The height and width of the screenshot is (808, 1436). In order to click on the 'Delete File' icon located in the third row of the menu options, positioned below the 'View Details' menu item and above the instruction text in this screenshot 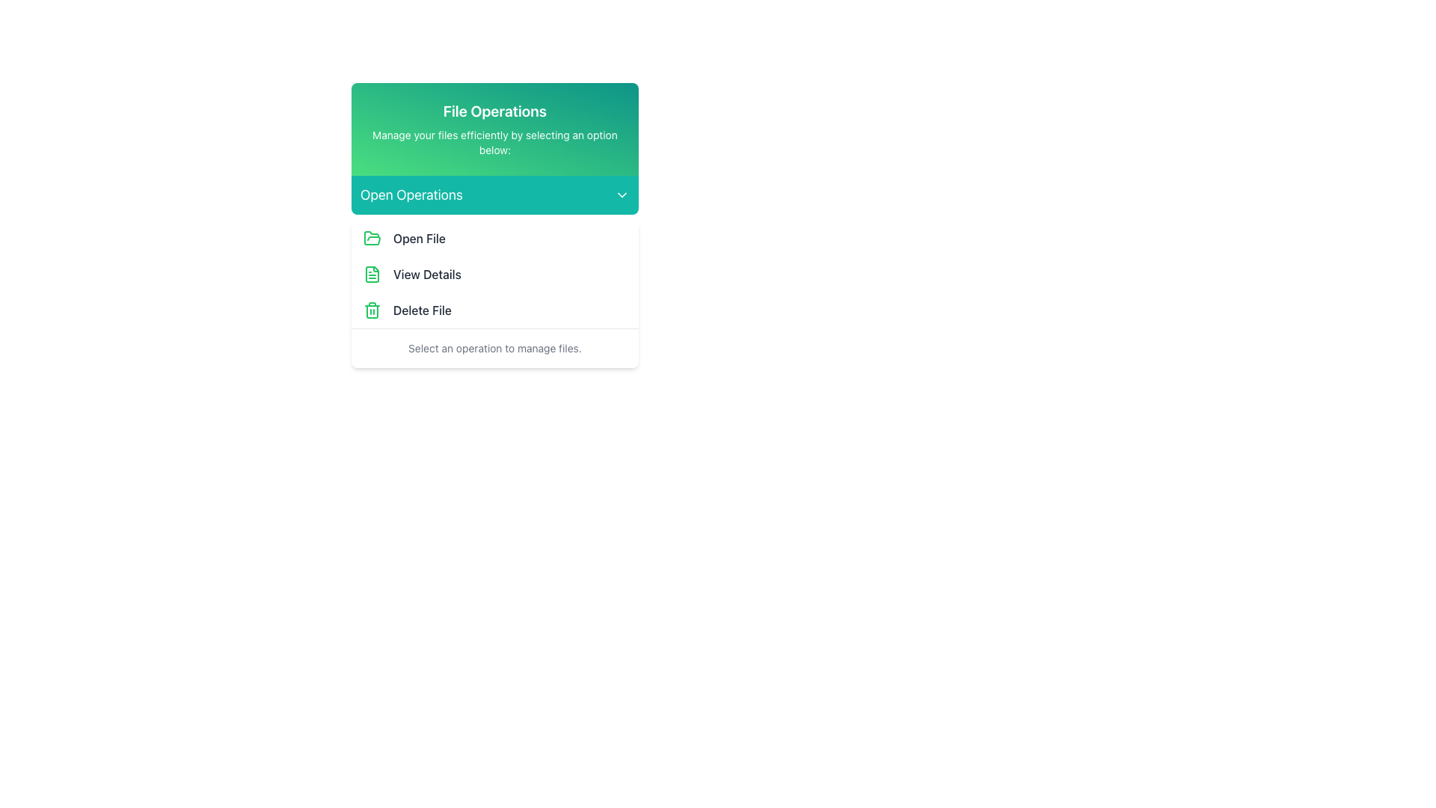, I will do `click(372, 310)`.